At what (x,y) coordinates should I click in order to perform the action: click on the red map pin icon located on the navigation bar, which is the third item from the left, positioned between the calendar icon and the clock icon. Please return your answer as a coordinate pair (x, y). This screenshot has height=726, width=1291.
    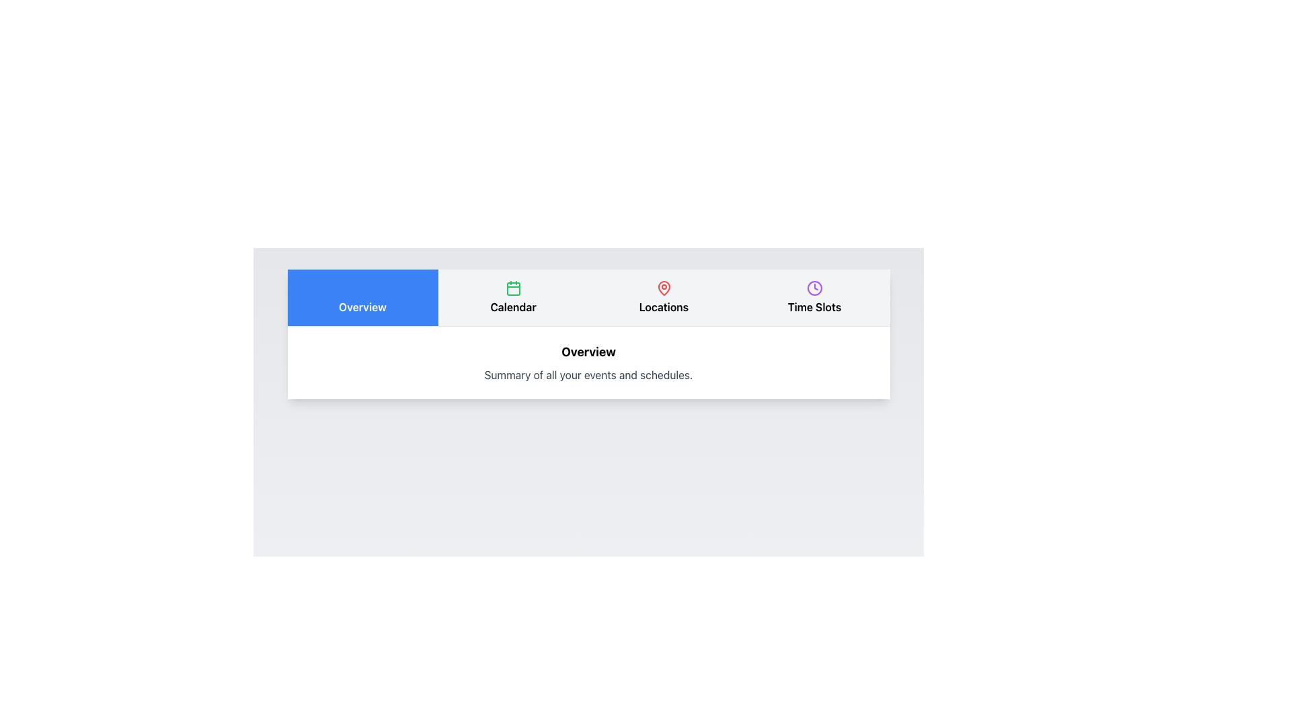
    Looking at the image, I should click on (664, 287).